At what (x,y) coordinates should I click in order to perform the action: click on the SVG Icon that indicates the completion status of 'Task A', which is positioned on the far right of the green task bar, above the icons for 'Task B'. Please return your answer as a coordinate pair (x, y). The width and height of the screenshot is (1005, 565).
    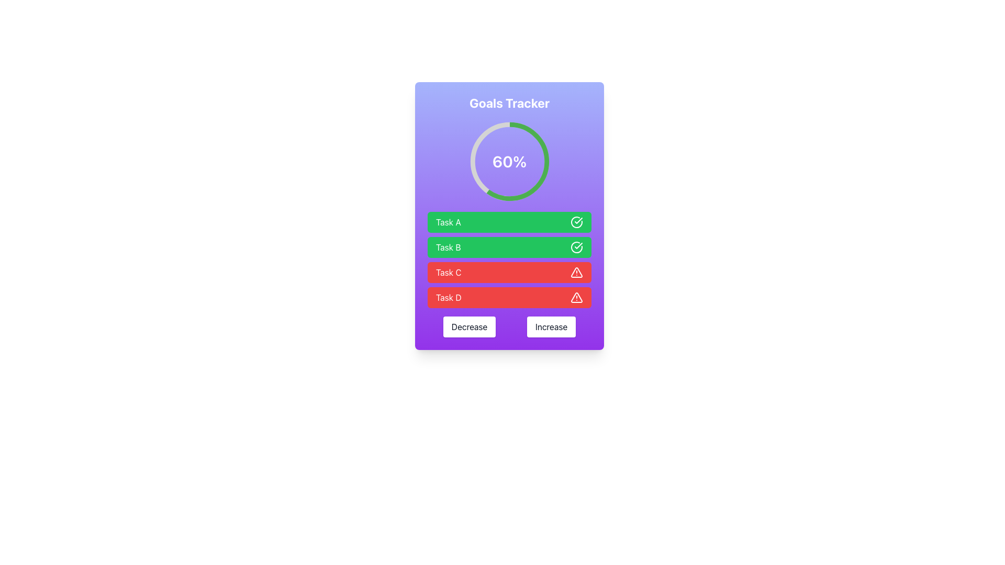
    Looking at the image, I should click on (576, 221).